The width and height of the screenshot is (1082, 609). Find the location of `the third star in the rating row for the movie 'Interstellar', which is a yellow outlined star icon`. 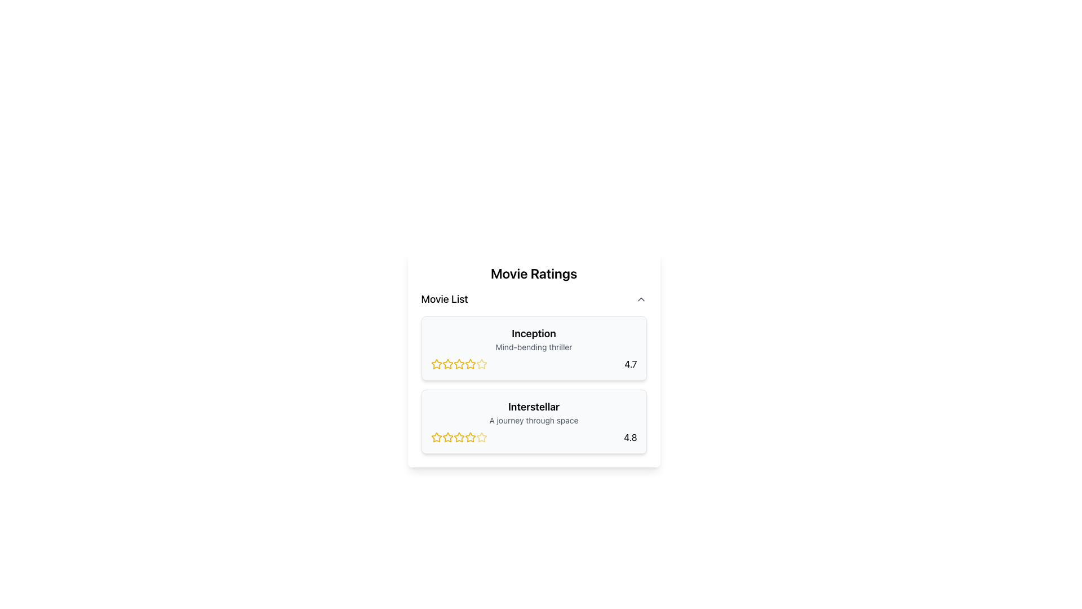

the third star in the rating row for the movie 'Interstellar', which is a yellow outlined star icon is located at coordinates (459, 436).